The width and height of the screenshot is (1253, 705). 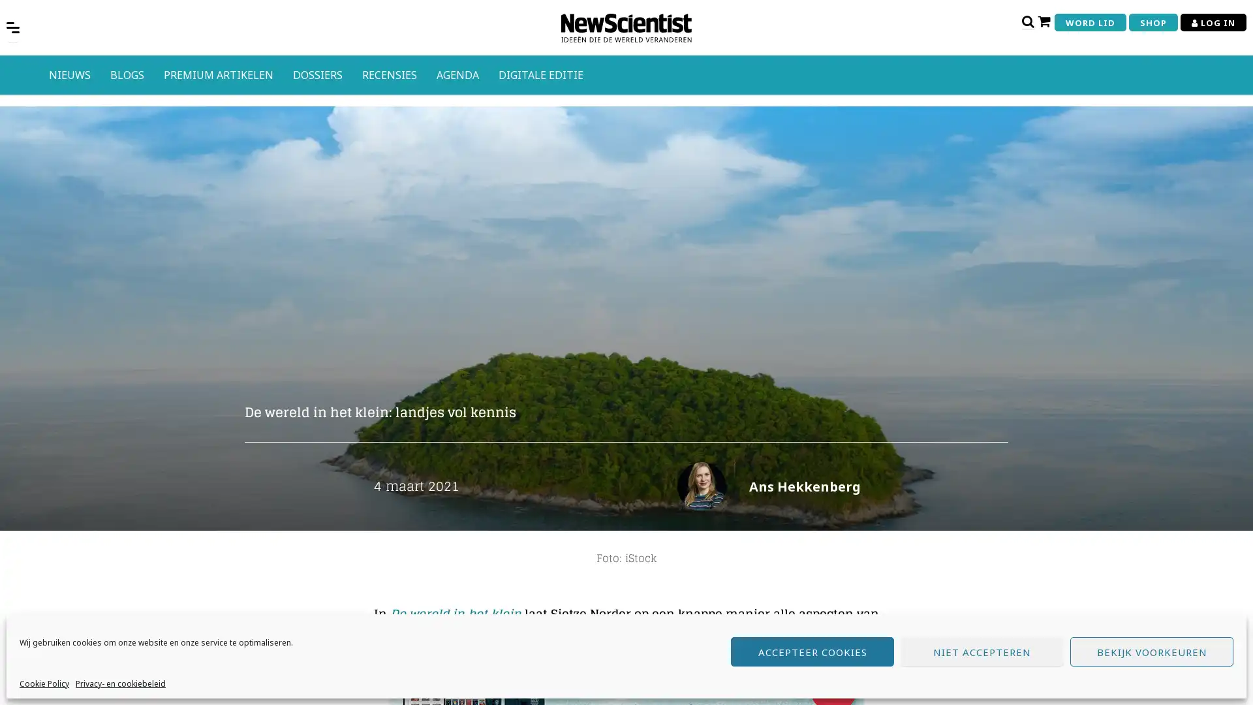 What do you see at coordinates (982, 651) in the screenshot?
I see `NIET ACCEPTEREN` at bounding box center [982, 651].